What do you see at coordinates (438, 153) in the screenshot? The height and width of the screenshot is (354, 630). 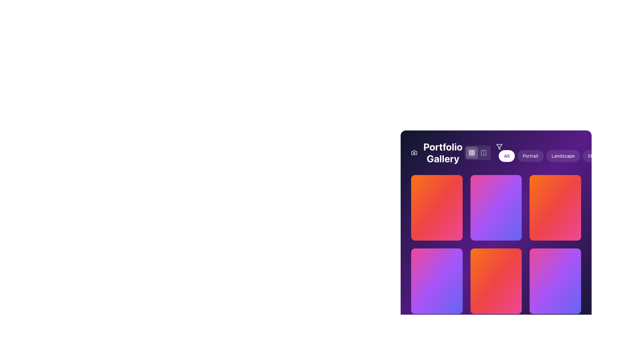 I see `text displayed in the text field titled 'Portfolio Gallery', which is styled with bold and large font size in white color, positioned over a dark background` at bounding box center [438, 153].